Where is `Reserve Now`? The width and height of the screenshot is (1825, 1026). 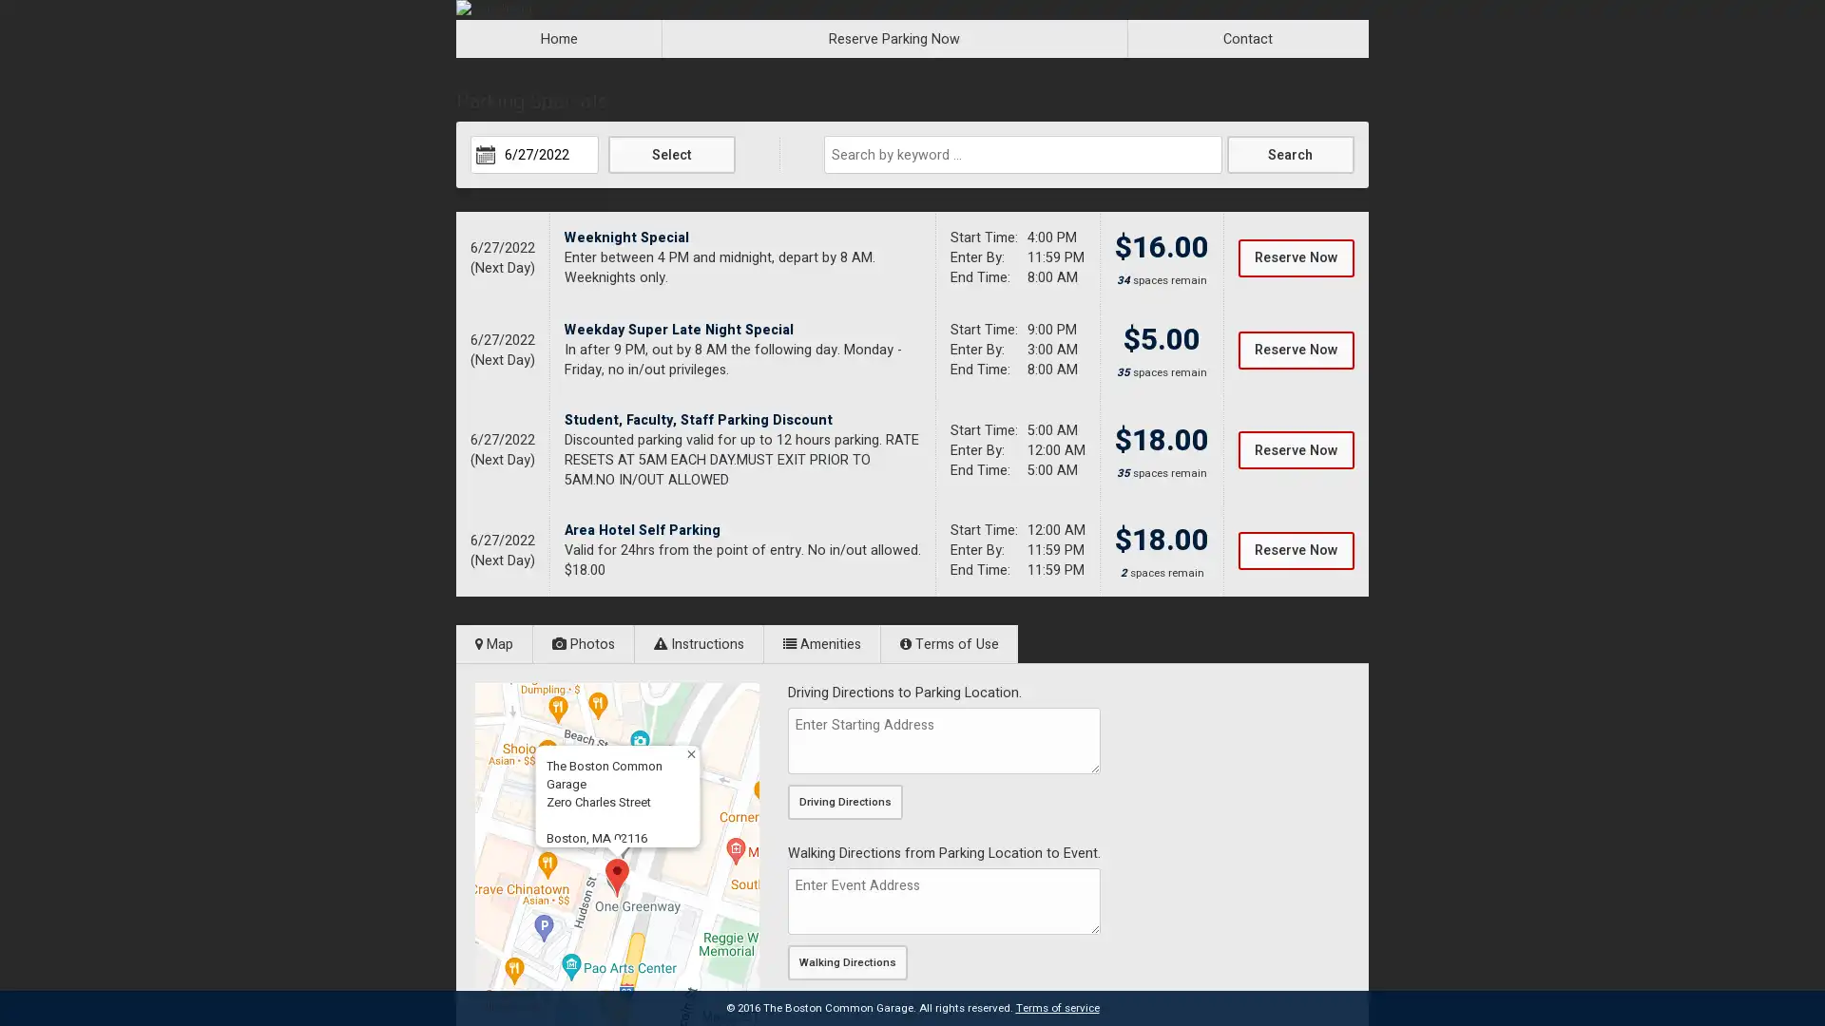
Reserve Now is located at coordinates (1295, 256).